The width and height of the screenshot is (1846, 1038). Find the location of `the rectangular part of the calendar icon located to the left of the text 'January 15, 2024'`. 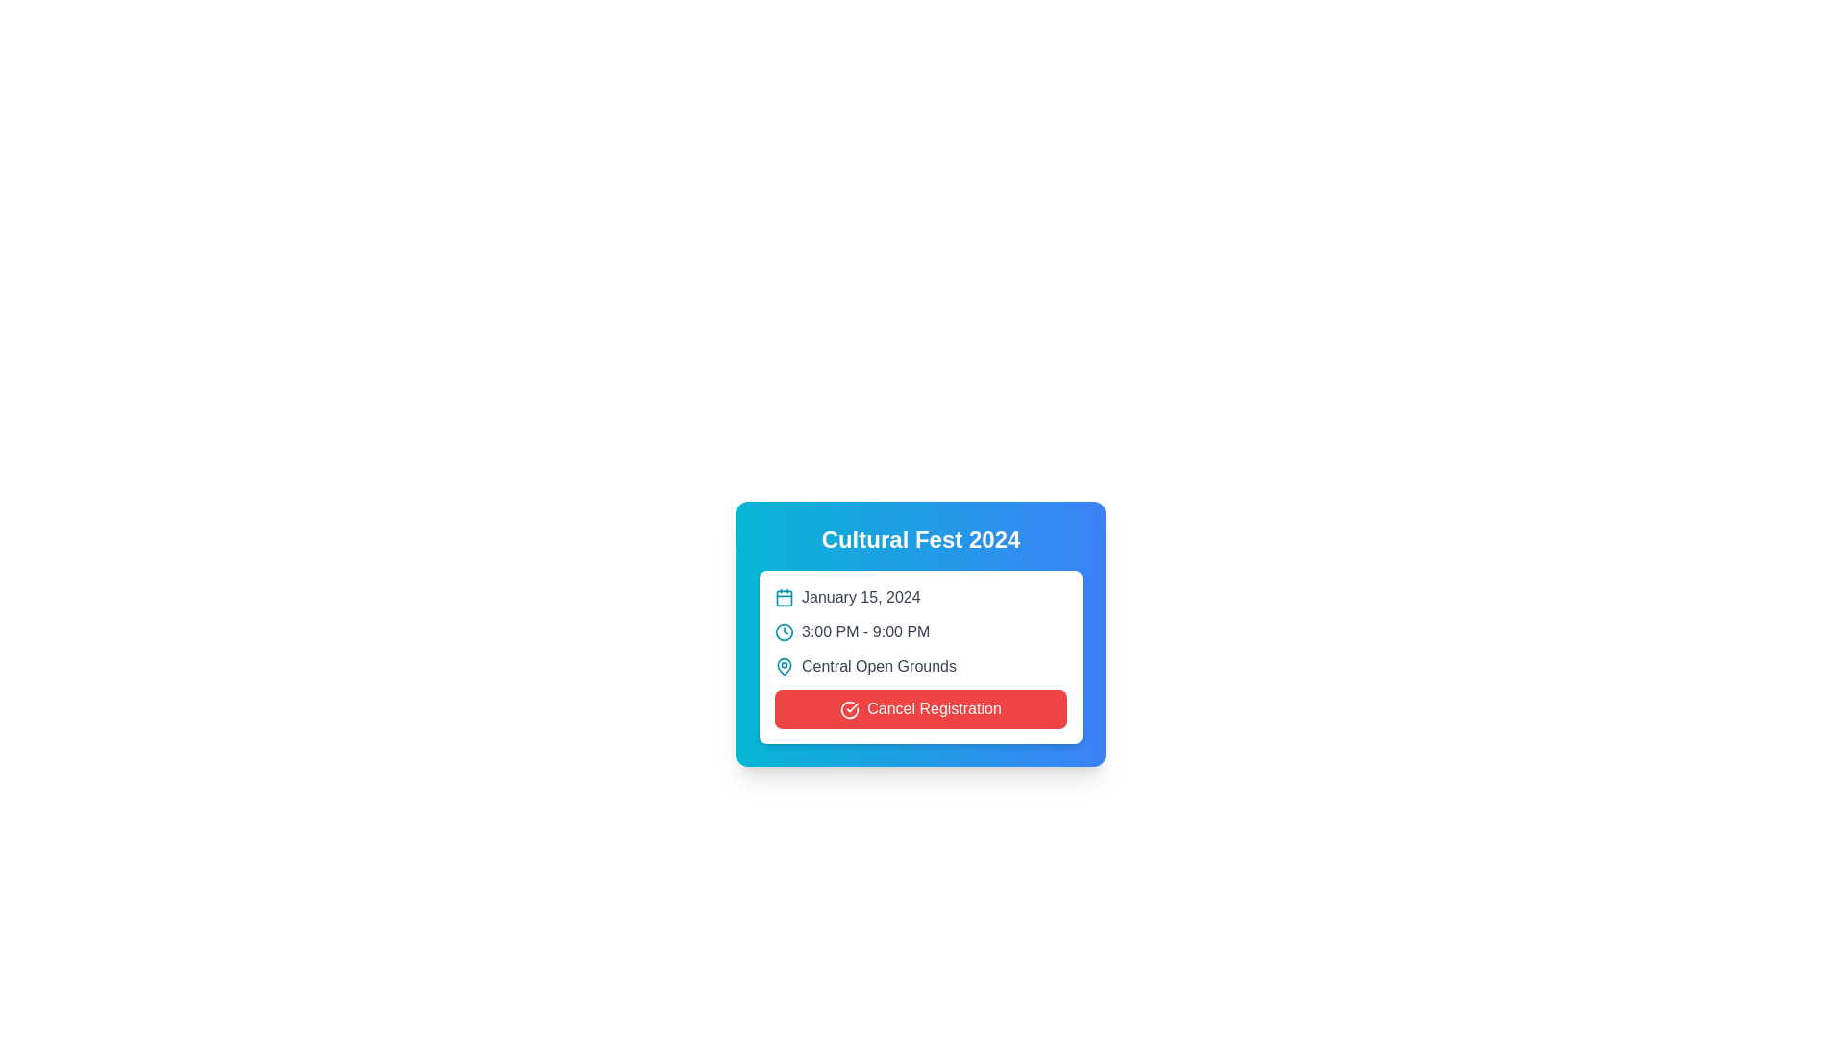

the rectangular part of the calendar icon located to the left of the text 'January 15, 2024' is located at coordinates (785, 596).